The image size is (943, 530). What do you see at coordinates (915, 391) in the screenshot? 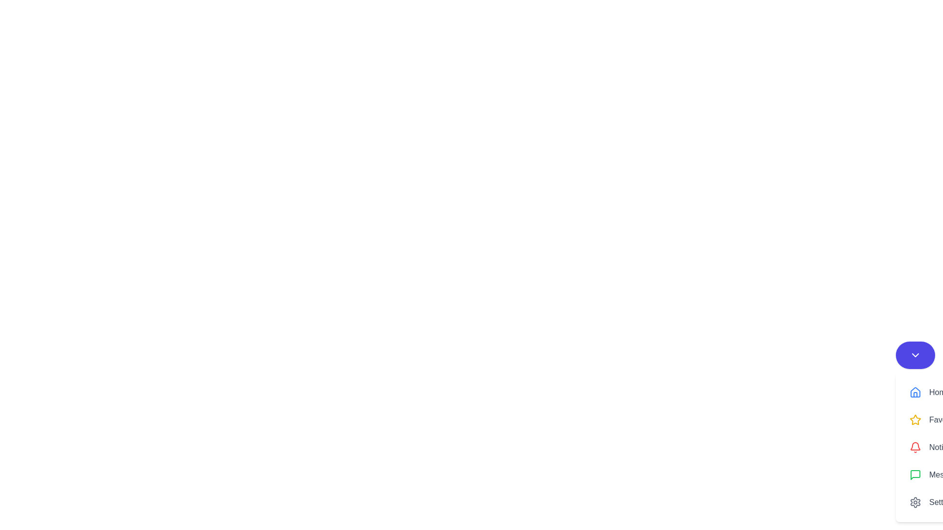
I see `the blue house icon in the vertical navigation menu` at bounding box center [915, 391].